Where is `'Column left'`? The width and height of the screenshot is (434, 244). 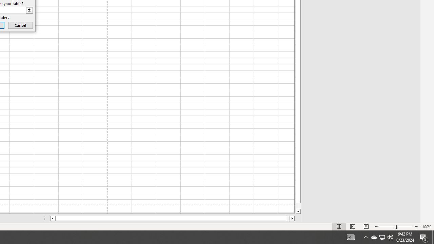
'Column left' is located at coordinates (52, 218).